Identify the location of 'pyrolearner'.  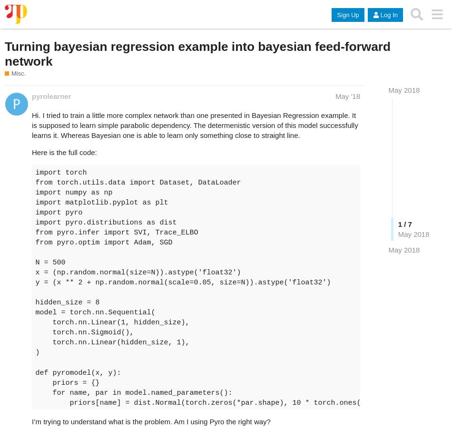
(51, 95).